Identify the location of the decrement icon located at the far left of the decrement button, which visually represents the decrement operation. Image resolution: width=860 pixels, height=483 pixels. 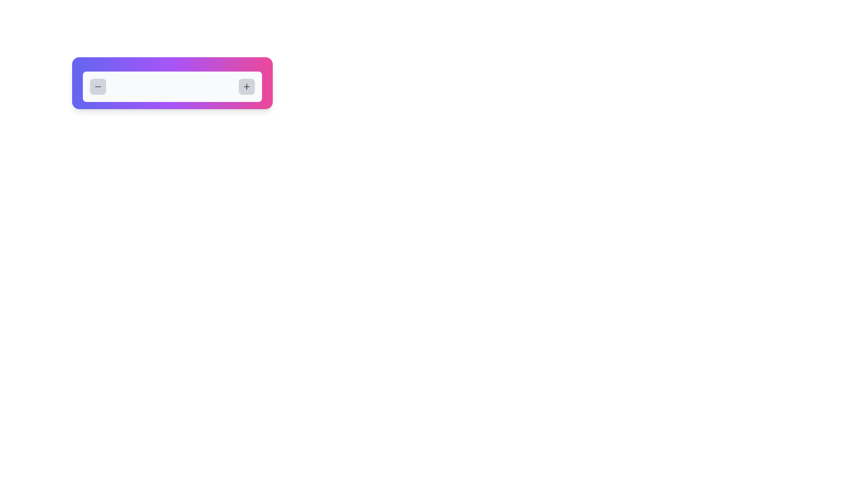
(98, 86).